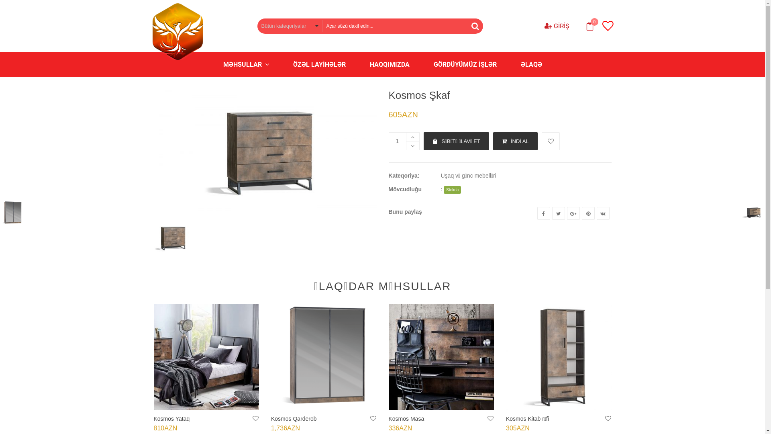  Describe the element at coordinates (566, 213) in the screenshot. I see `'Googleplus'` at that location.